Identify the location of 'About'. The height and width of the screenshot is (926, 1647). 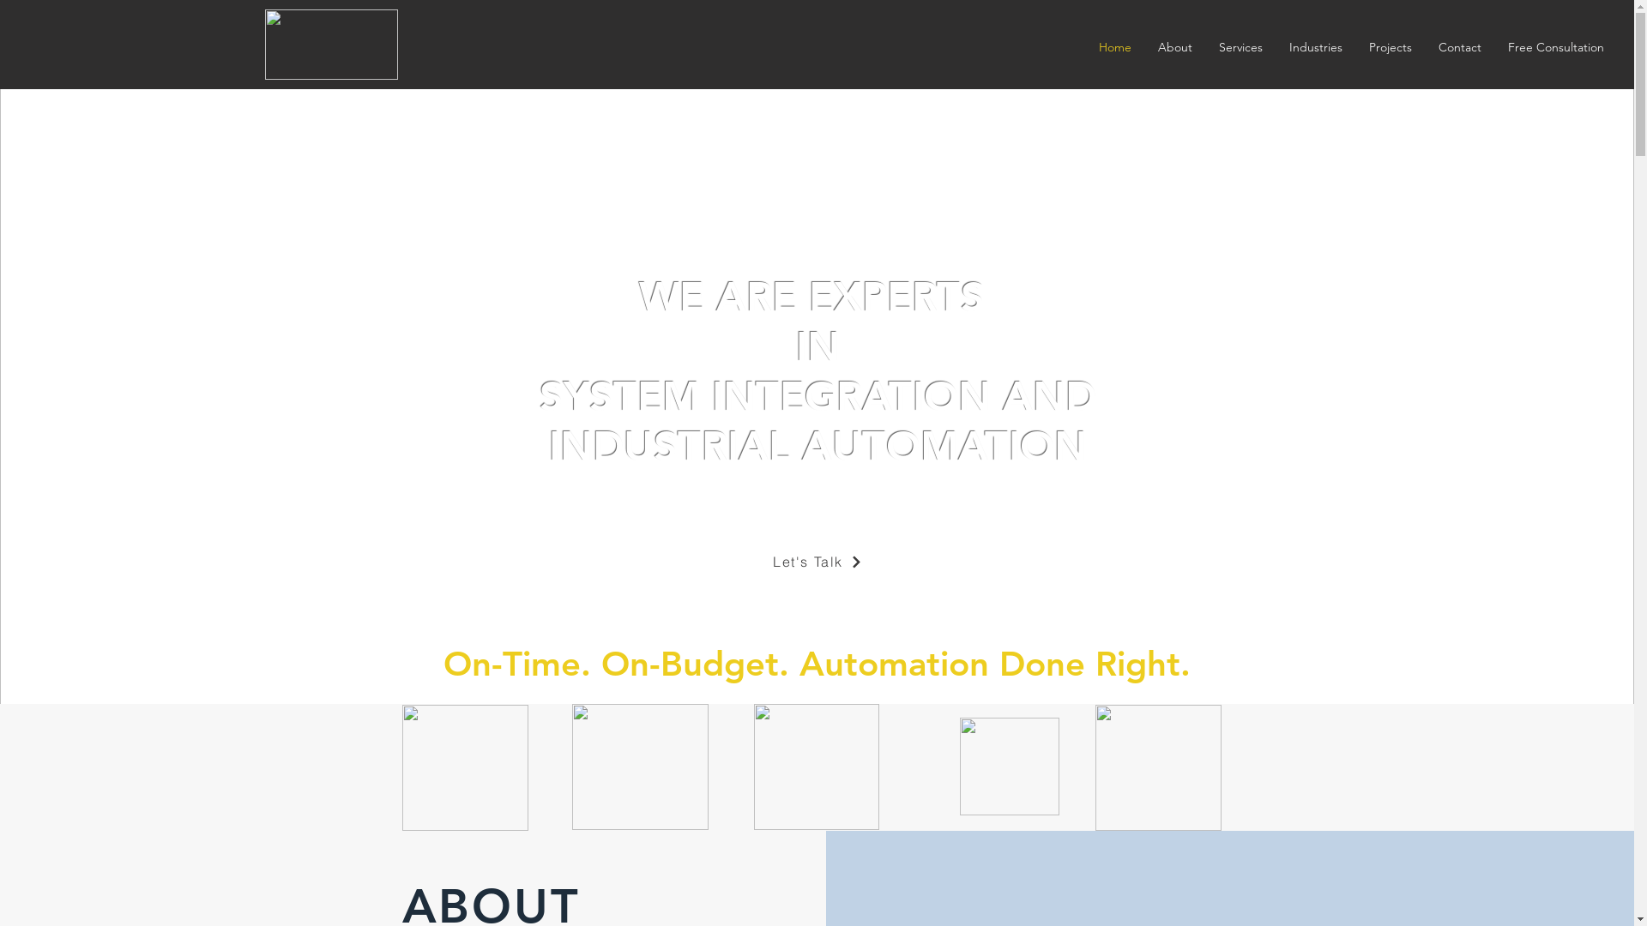
(1173, 46).